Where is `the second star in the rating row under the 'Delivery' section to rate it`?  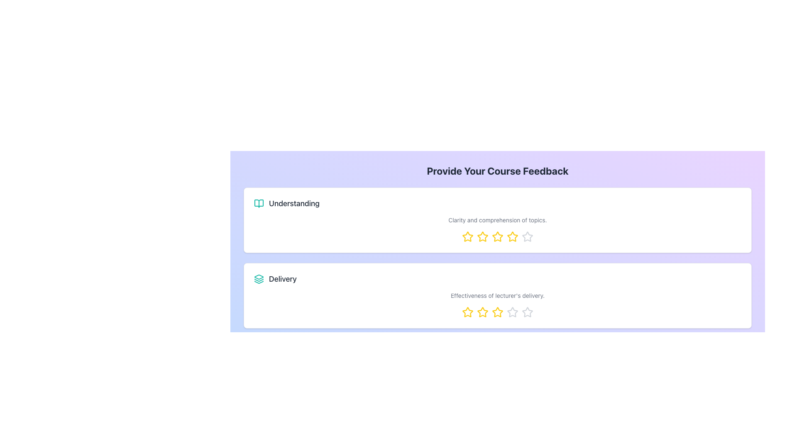 the second star in the rating row under the 'Delivery' section to rate it is located at coordinates (482, 312).